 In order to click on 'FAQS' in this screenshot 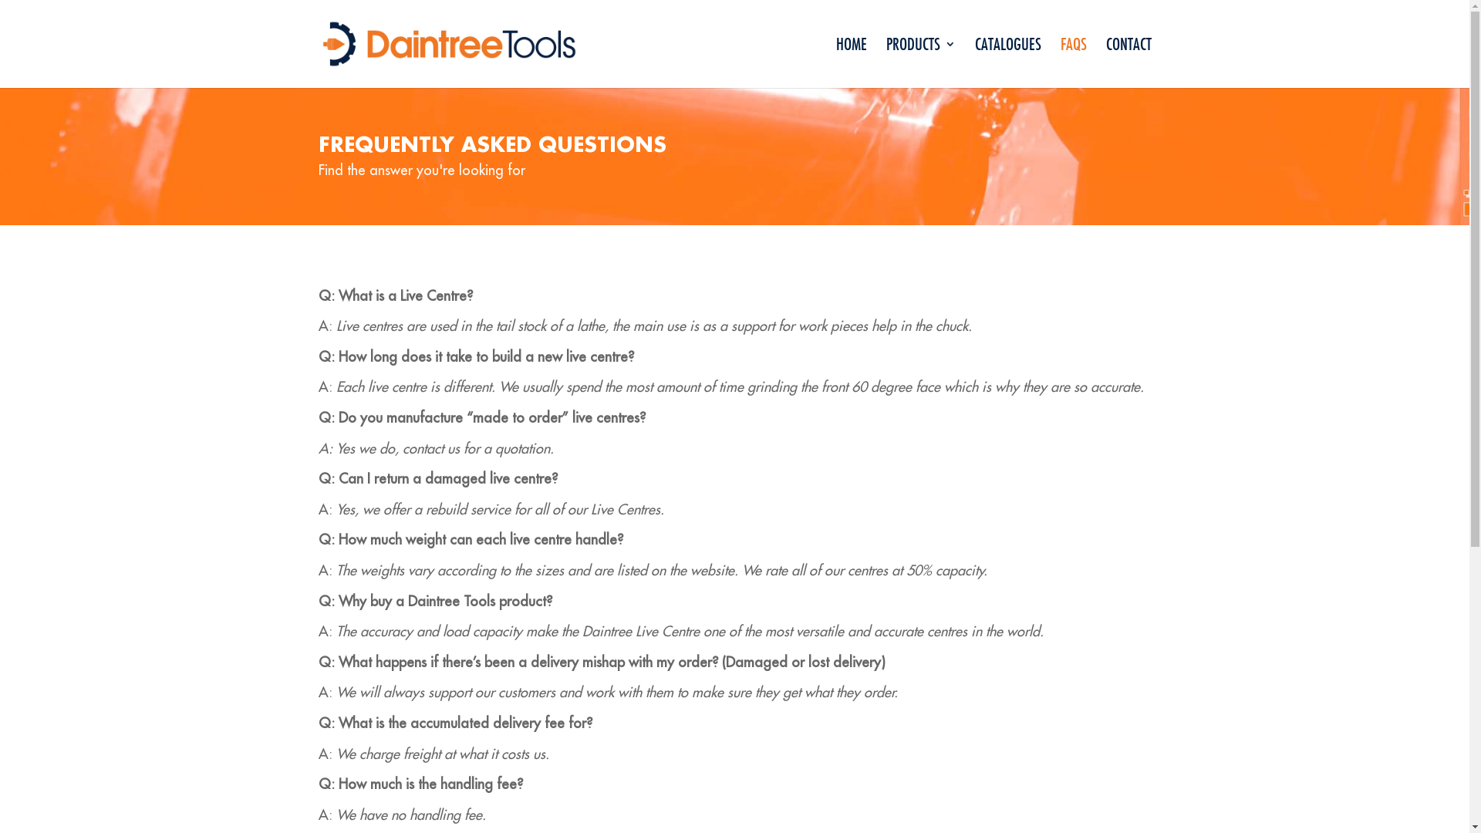, I will do `click(1072, 62)`.